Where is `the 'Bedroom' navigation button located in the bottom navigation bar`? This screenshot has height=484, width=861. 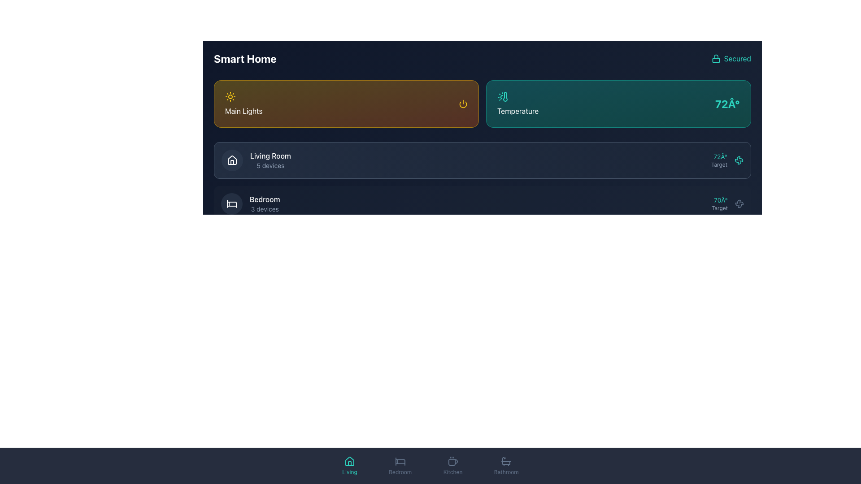
the 'Bedroom' navigation button located in the bottom navigation bar is located at coordinates (400, 466).